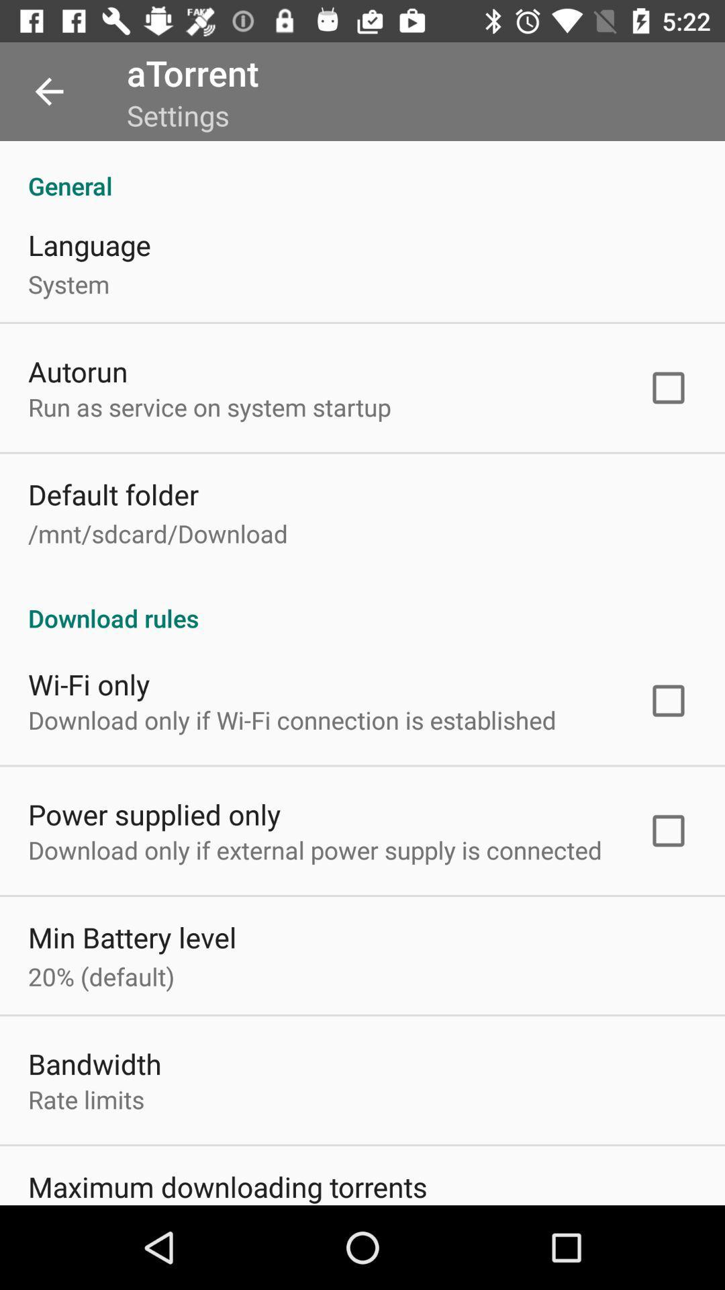 The image size is (725, 1290). Describe the element at coordinates (362, 171) in the screenshot. I see `the general` at that location.